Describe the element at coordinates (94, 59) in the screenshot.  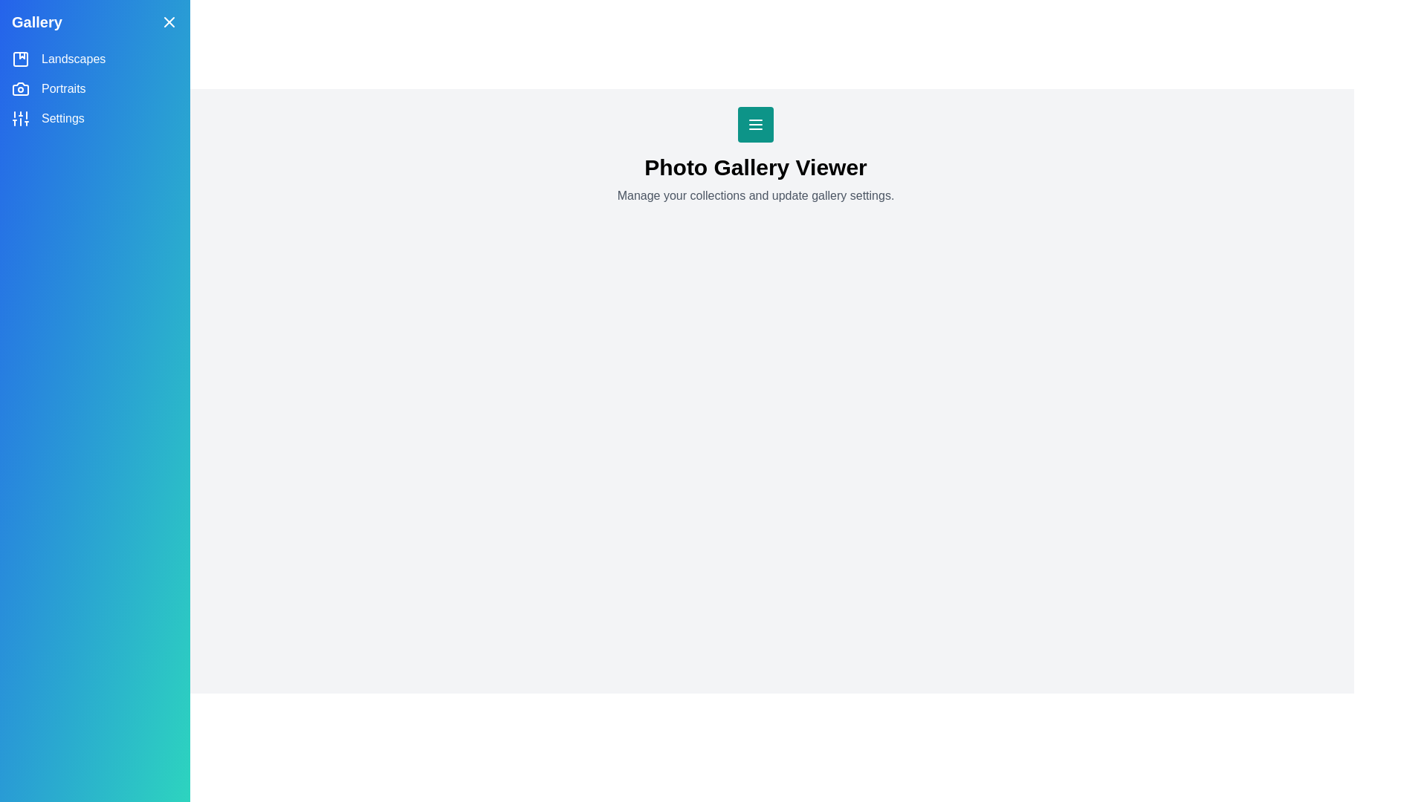
I see `the category Landscapes from the side drawer menu` at that location.